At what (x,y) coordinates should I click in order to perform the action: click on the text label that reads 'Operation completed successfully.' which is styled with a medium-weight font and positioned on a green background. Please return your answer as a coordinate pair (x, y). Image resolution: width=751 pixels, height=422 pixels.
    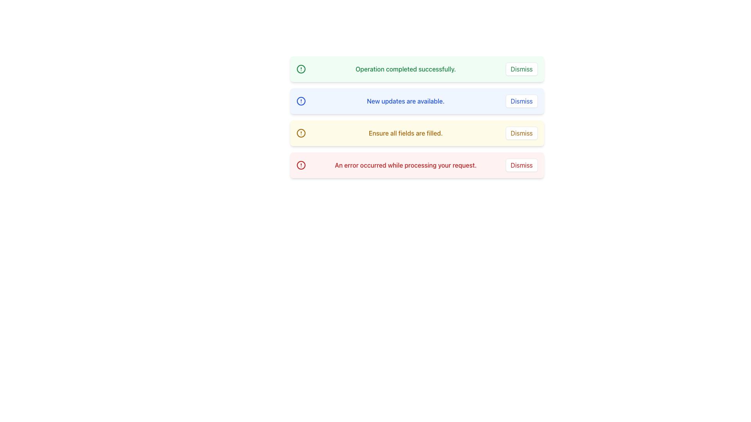
    Looking at the image, I should click on (406, 69).